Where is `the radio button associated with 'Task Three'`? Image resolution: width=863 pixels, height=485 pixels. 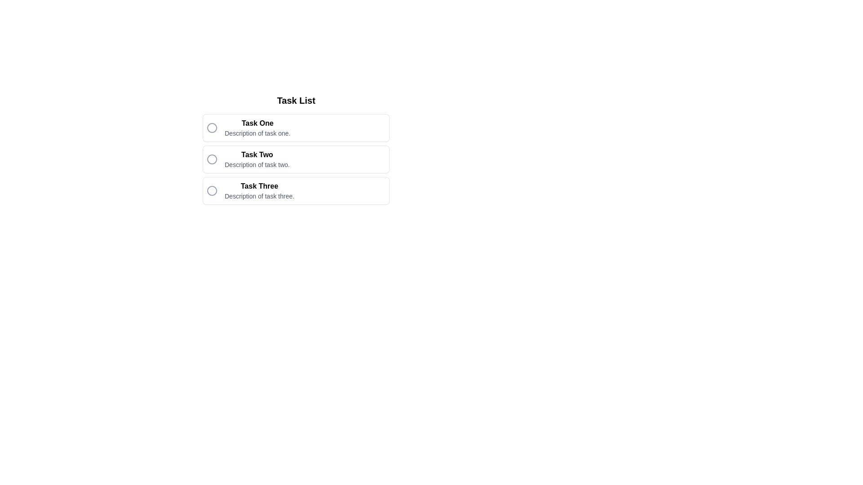
the radio button associated with 'Task Three' is located at coordinates (296, 190).